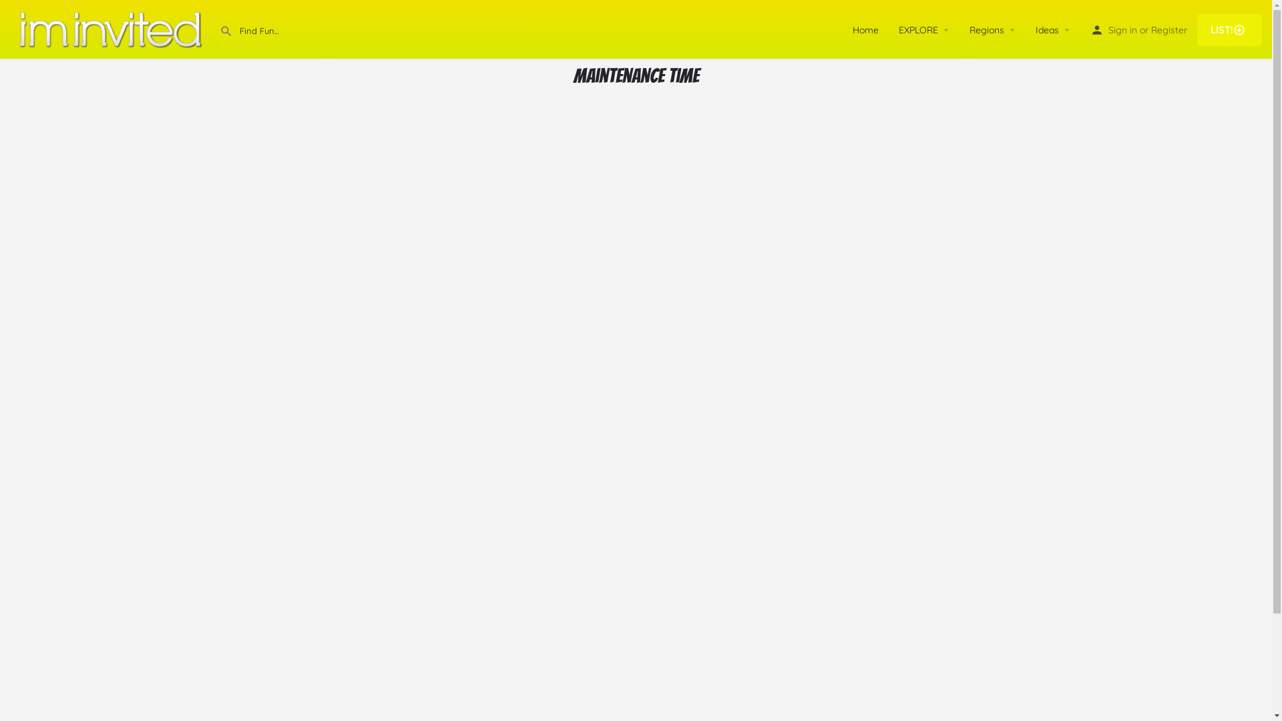 This screenshot has width=1282, height=721. What do you see at coordinates (987, 29) in the screenshot?
I see `'Regions'` at bounding box center [987, 29].